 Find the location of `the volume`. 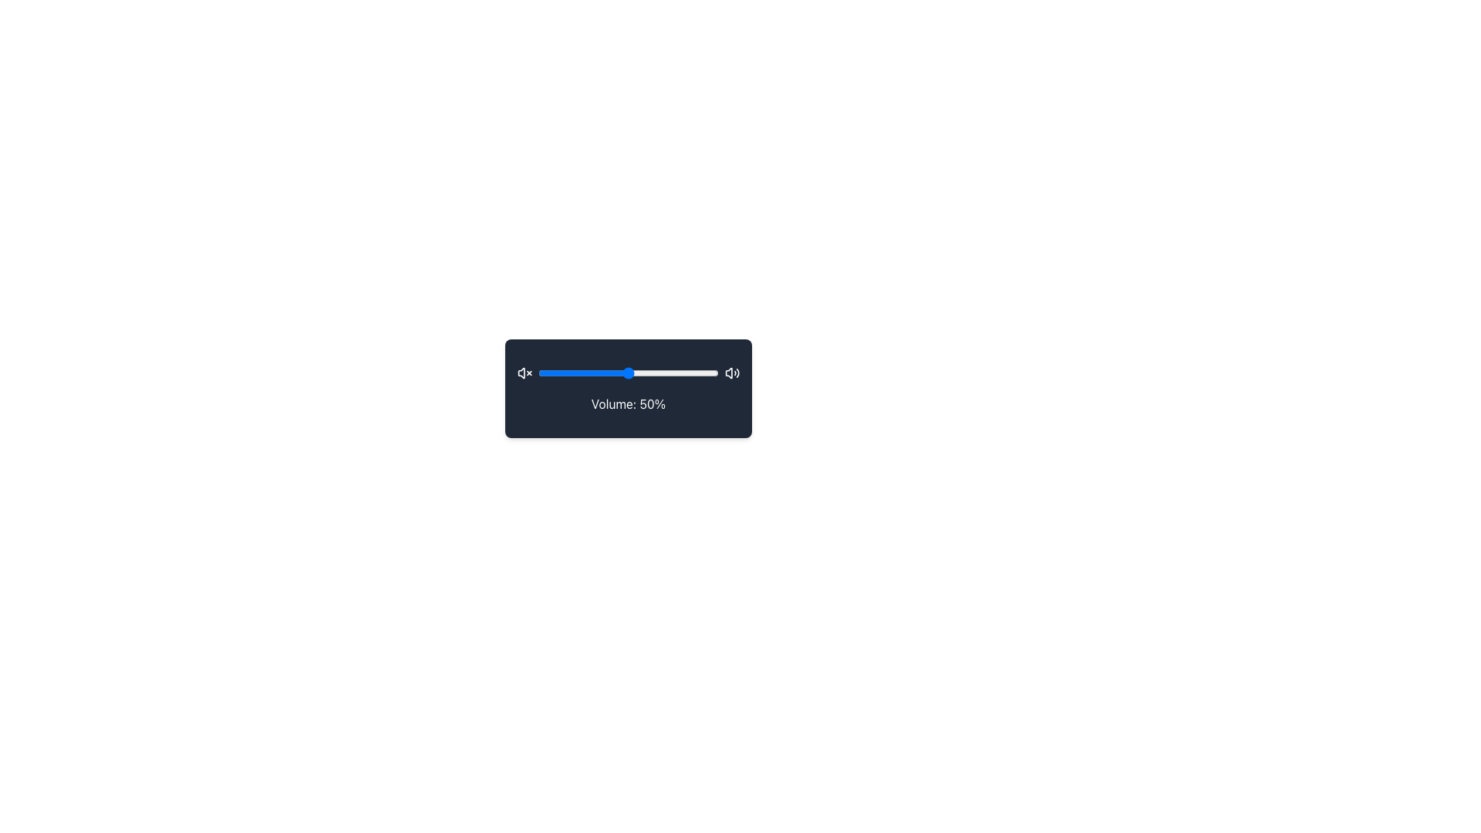

the volume is located at coordinates (633, 373).